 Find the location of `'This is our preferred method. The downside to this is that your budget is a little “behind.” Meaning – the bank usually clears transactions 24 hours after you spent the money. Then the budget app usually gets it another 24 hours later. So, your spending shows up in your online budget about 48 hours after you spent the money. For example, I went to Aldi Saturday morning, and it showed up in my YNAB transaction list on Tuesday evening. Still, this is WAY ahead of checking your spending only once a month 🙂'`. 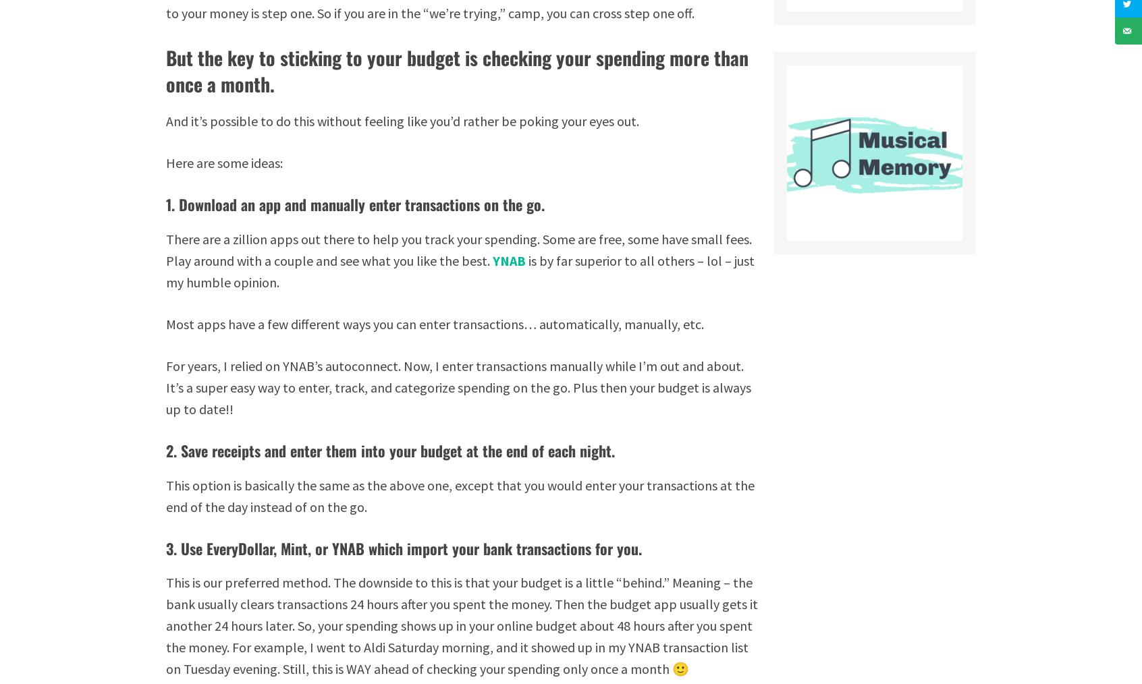

'This is our preferred method. The downside to this is that your budget is a little “behind.” Meaning – the bank usually clears transactions 24 hours after you spent the money. Then the budget app usually gets it another 24 hours later. So, your spending shows up in your online budget about 48 hours after you spent the money. For example, I went to Aldi Saturday morning, and it showed up in my YNAB transaction list on Tuesday evening. Still, this is WAY ahead of checking your spending only once a month 🙂' is located at coordinates (462, 625).